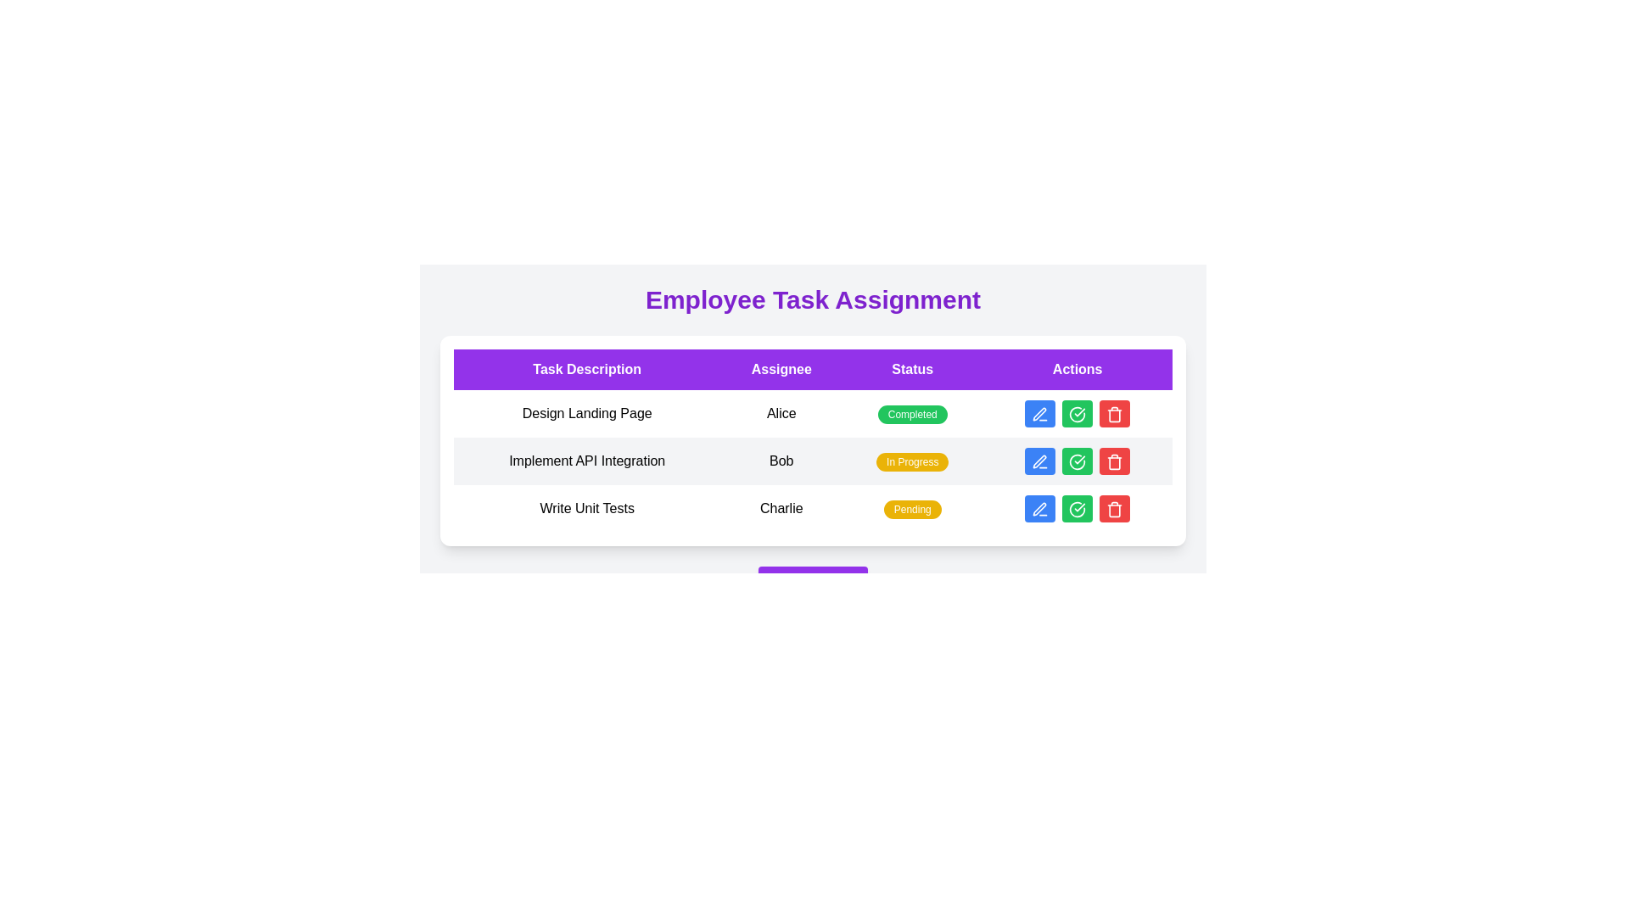 The height and width of the screenshot is (916, 1629). What do you see at coordinates (1038, 414) in the screenshot?
I see `the edit icon button, which features a curved, stylized pen symbol, located in the Actions column of the first row for Alice's task` at bounding box center [1038, 414].